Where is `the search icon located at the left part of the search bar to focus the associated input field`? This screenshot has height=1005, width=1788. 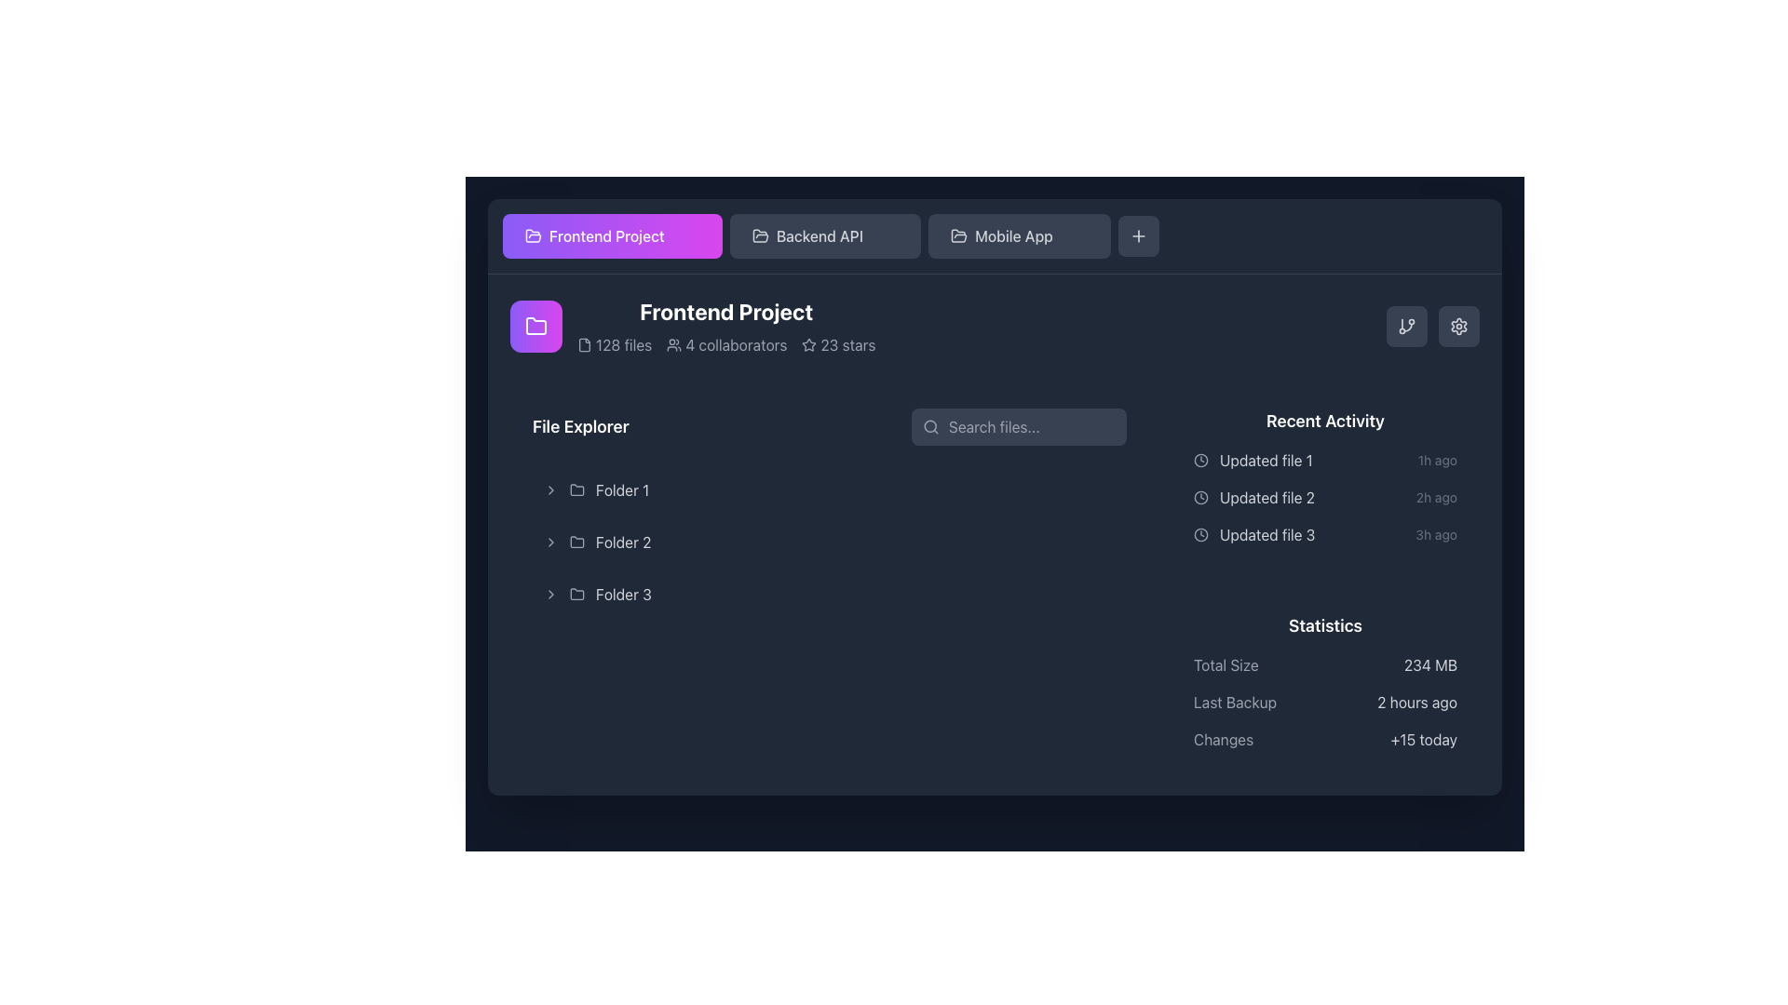 the search icon located at the left part of the search bar to focus the associated input field is located at coordinates (930, 427).